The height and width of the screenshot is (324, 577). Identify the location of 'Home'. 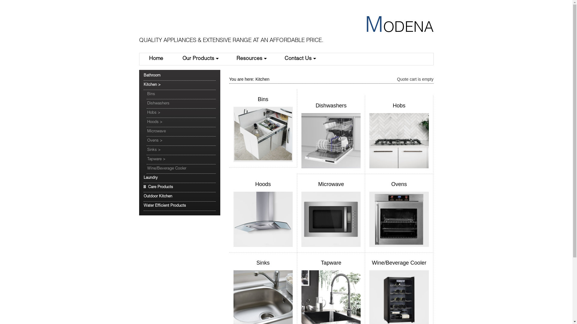
(156, 59).